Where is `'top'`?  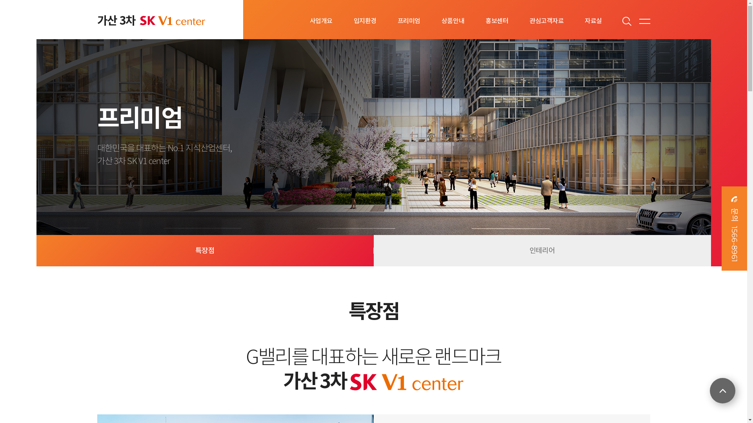
'top' is located at coordinates (709, 390).